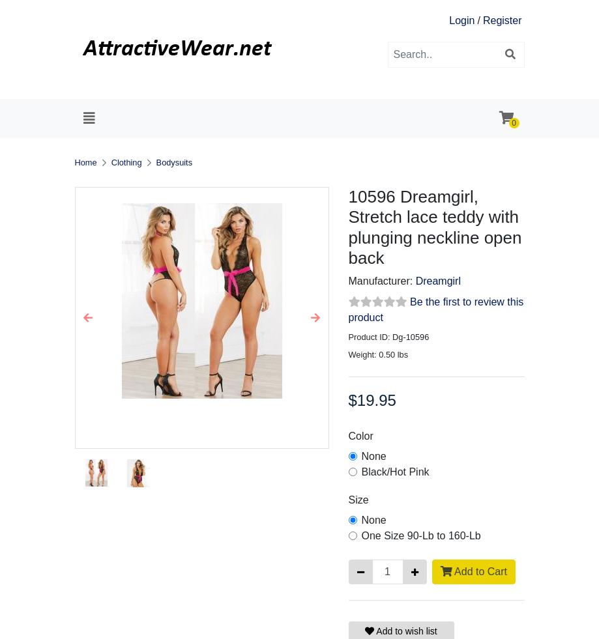 Image resolution: width=599 pixels, height=639 pixels. What do you see at coordinates (347, 336) in the screenshot?
I see `'Product ID: Dg-10596'` at bounding box center [347, 336].